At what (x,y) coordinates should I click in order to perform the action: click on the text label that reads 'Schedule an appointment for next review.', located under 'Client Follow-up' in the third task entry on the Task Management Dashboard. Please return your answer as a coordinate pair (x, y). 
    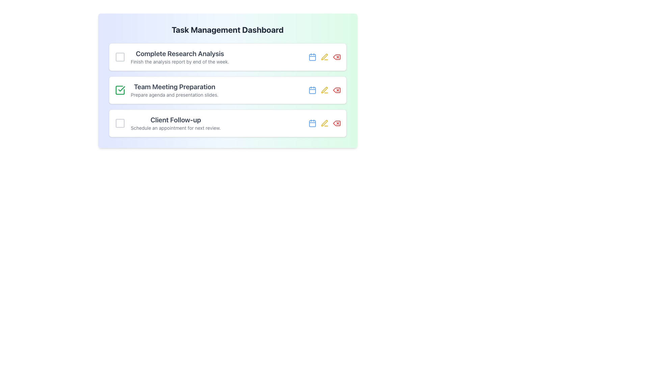
    Looking at the image, I should click on (175, 128).